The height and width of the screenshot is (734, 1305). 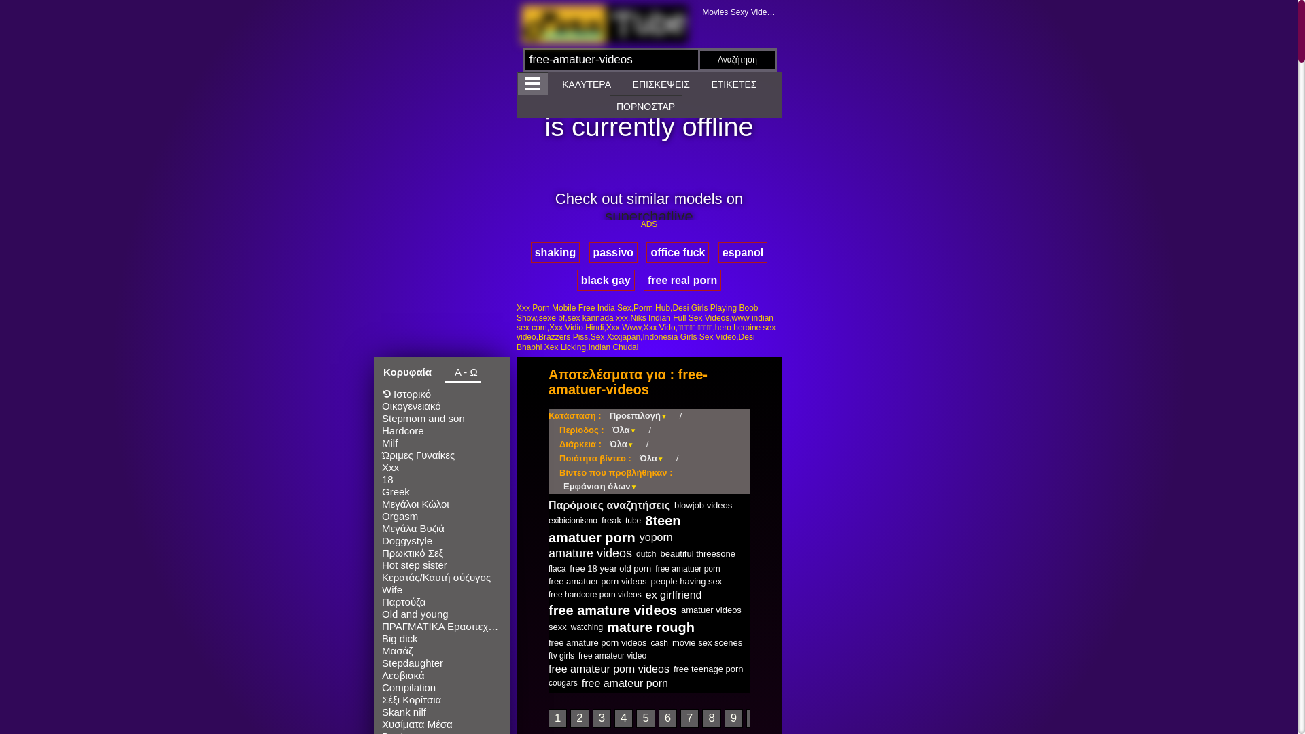 I want to click on 'free amature porn videos', so click(x=597, y=642).